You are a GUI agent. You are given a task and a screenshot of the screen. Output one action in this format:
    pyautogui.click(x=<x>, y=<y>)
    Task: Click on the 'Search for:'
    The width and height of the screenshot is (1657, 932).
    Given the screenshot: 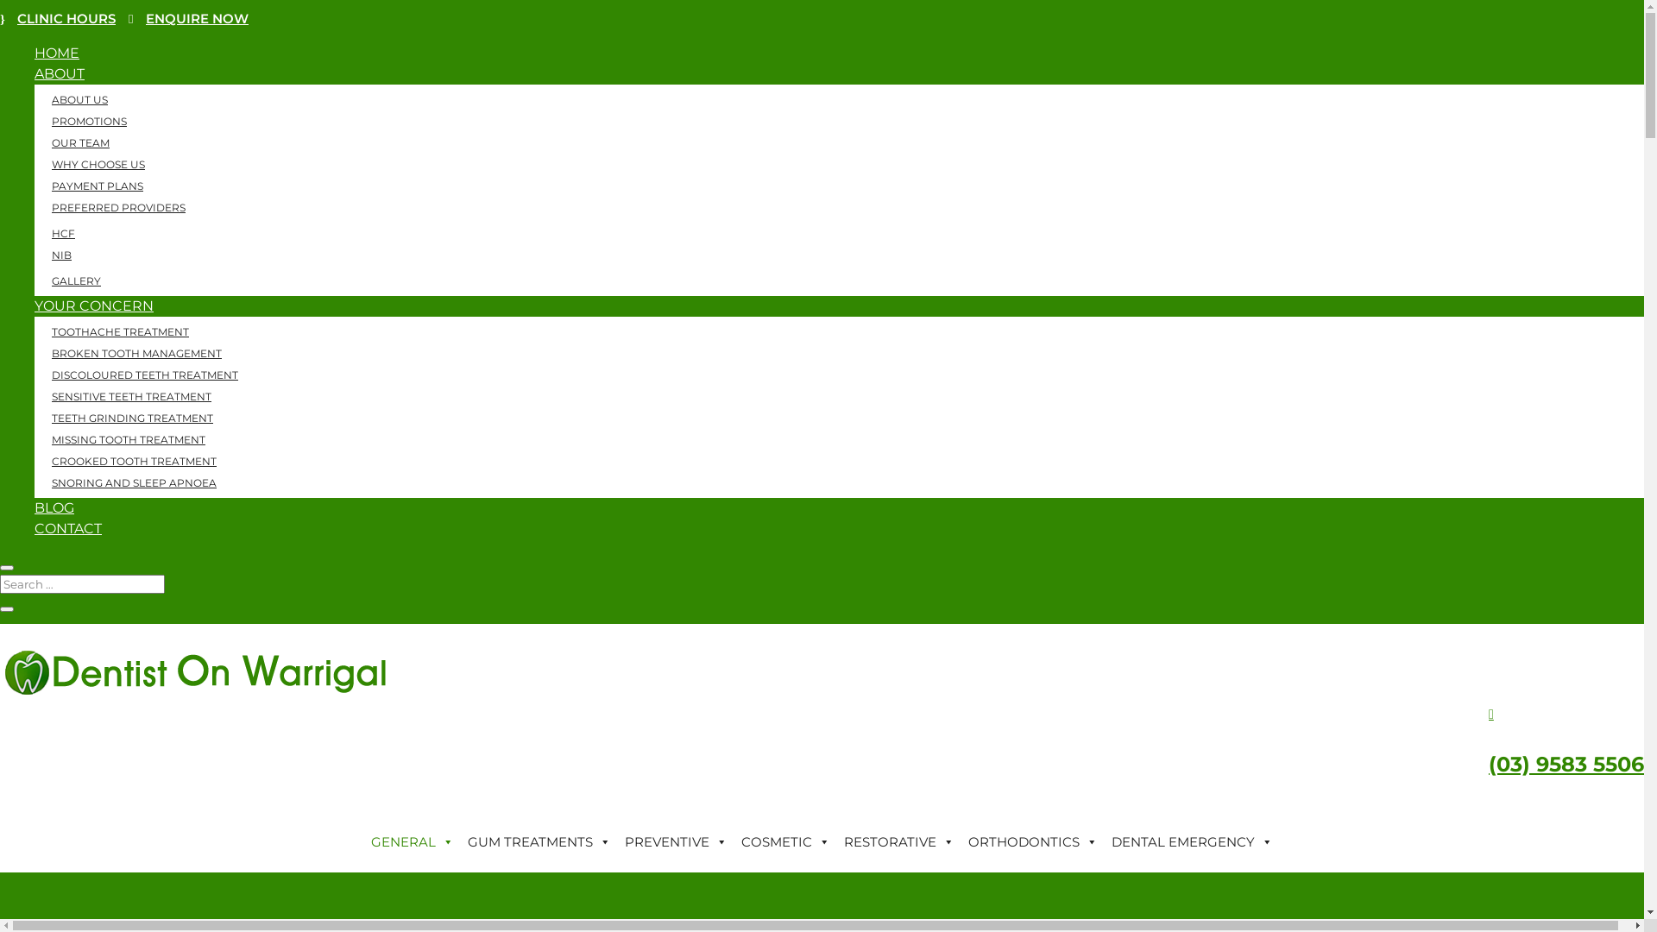 What is the action you would take?
    pyautogui.click(x=81, y=583)
    